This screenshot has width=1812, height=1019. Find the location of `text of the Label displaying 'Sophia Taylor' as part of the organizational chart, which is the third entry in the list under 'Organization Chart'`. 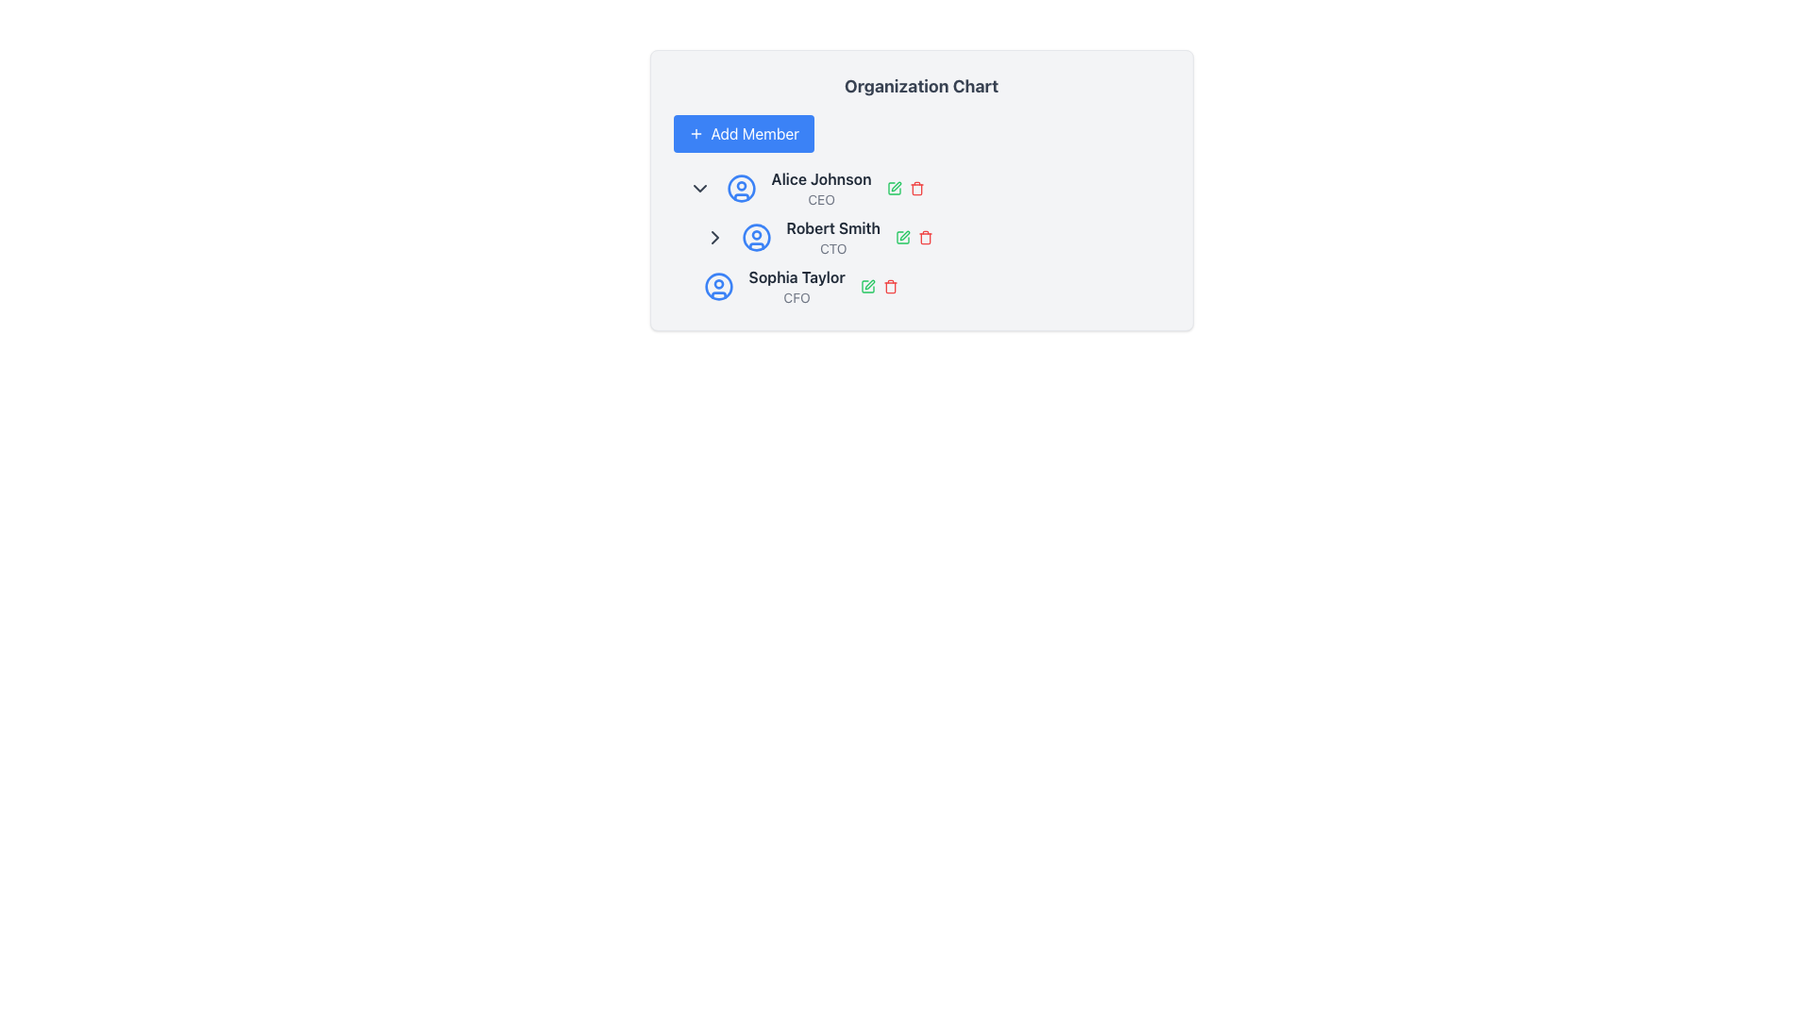

text of the Label displaying 'Sophia Taylor' as part of the organizational chart, which is the third entry in the list under 'Organization Chart' is located at coordinates (797, 287).